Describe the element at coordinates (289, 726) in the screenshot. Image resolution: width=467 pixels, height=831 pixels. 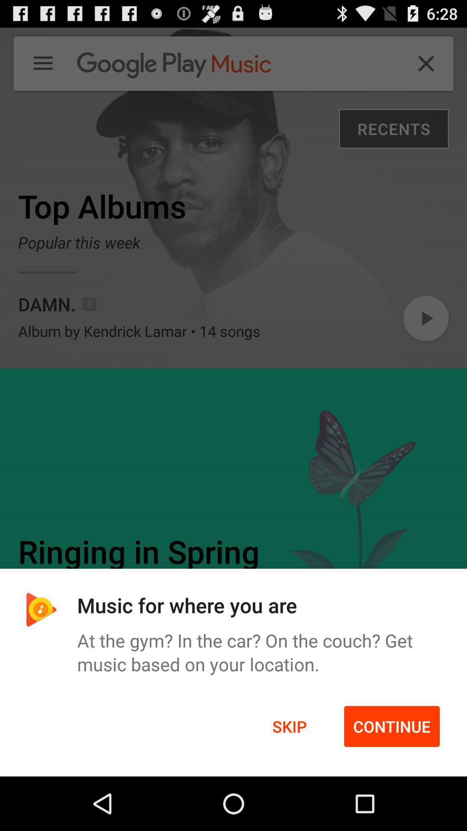
I see `the item below at the gym` at that location.